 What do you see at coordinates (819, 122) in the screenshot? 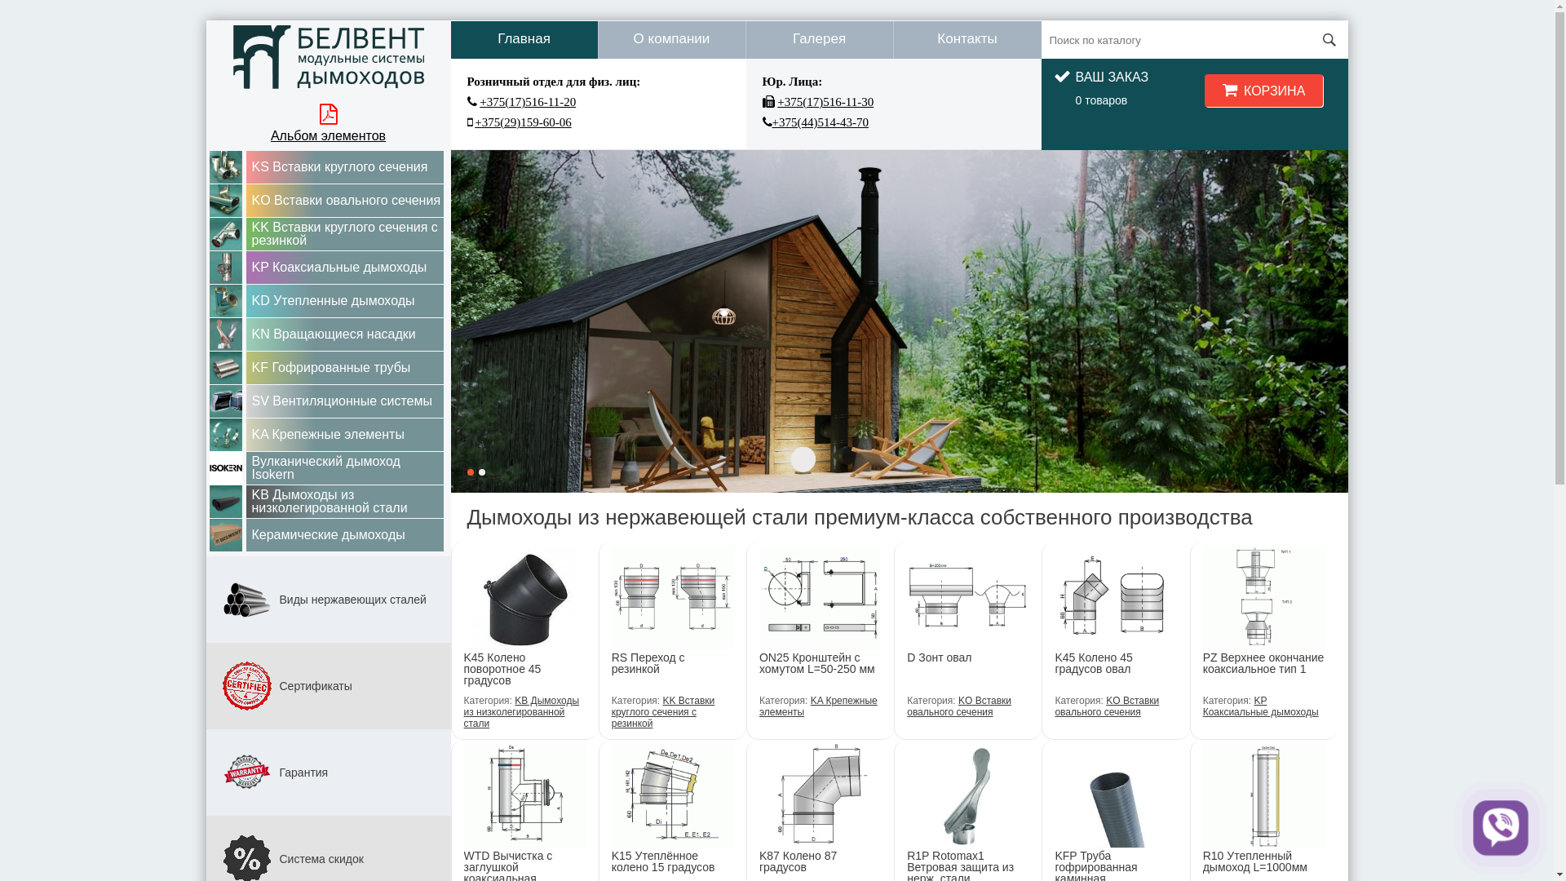
I see `'+375(44)514-43-70'` at bounding box center [819, 122].